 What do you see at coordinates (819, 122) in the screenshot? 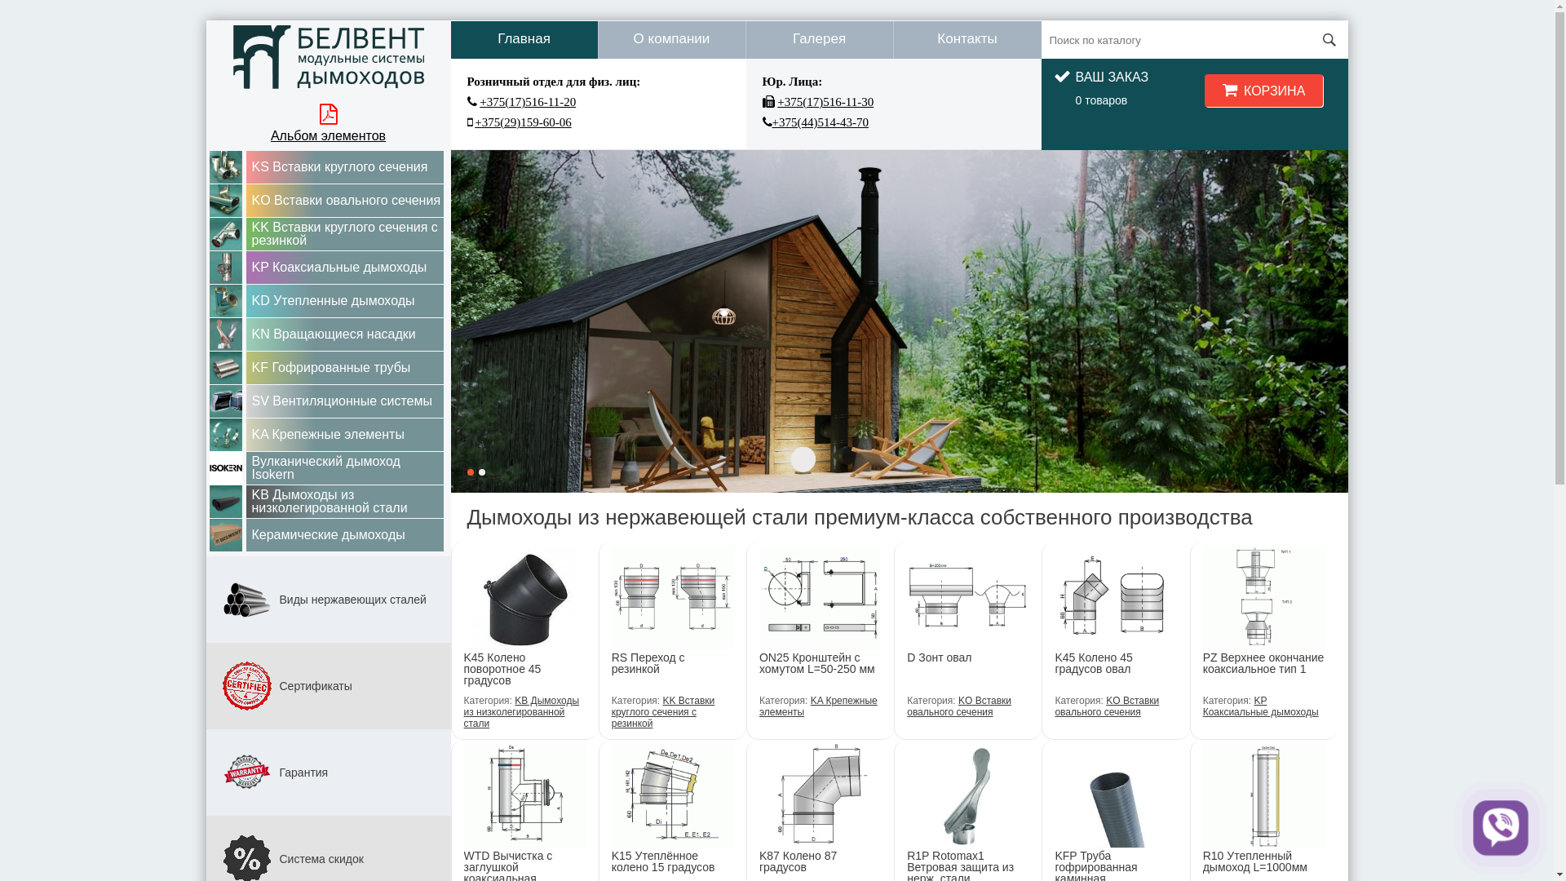
I see `'+375(44)514-43-70'` at bounding box center [819, 122].